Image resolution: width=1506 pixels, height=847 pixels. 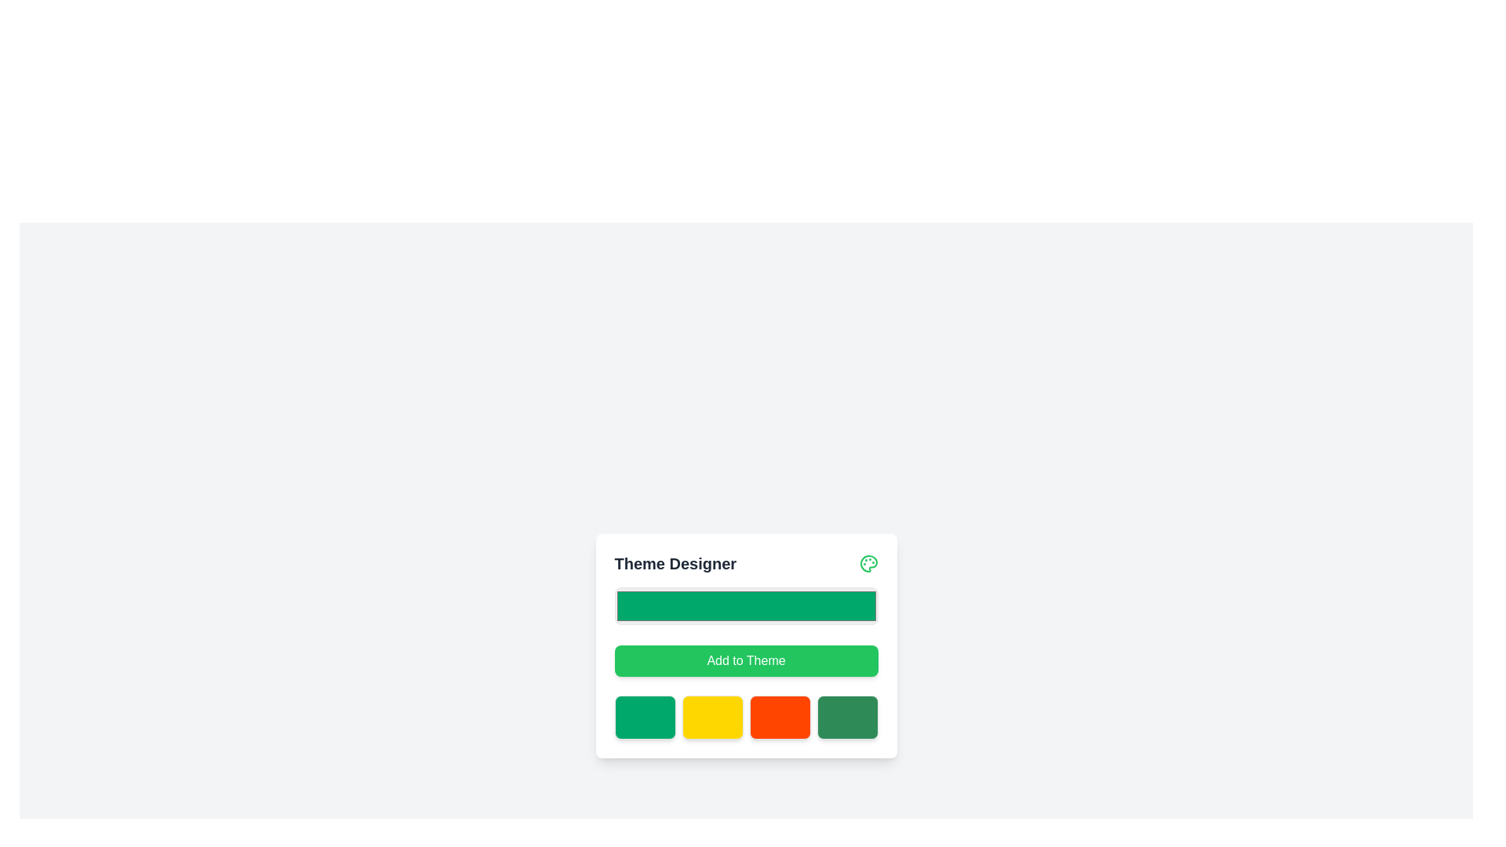 What do you see at coordinates (745, 661) in the screenshot?
I see `the 'Add to Theme' button, which is a wide, rectangular green button with white text, located below the color selection area` at bounding box center [745, 661].